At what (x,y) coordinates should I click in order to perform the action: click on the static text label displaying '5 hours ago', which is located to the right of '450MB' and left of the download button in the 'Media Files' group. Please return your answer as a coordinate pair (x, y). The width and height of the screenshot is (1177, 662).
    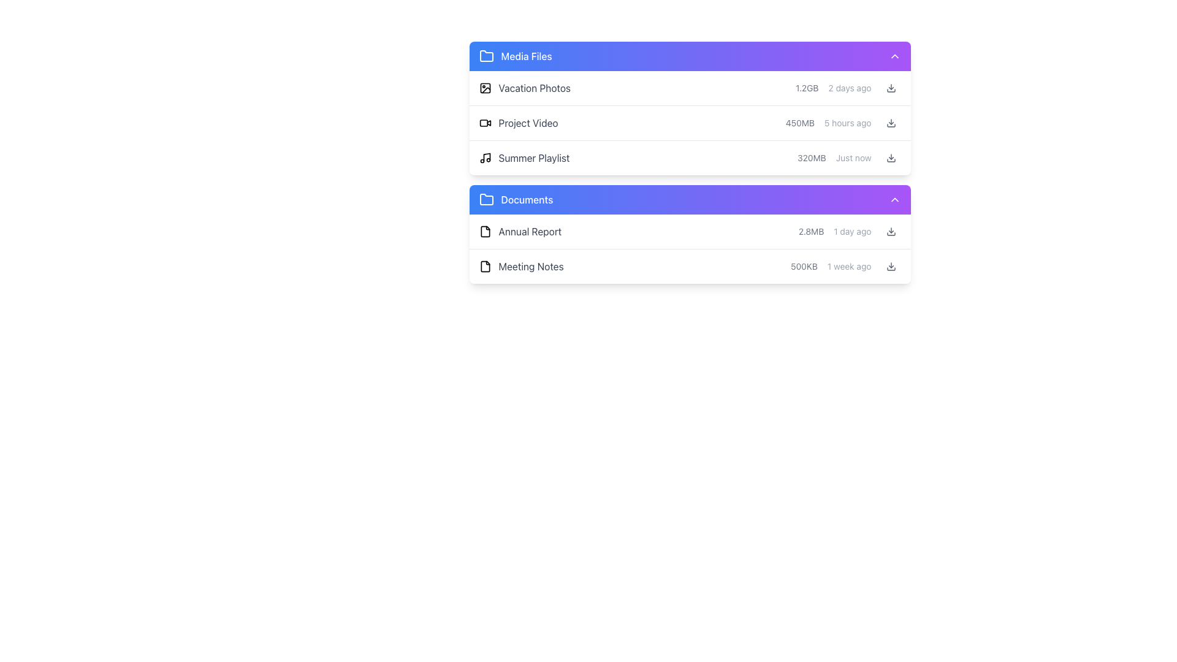
    Looking at the image, I should click on (847, 123).